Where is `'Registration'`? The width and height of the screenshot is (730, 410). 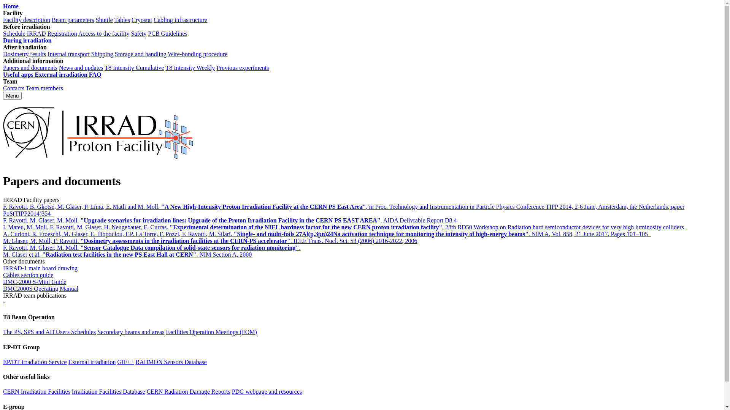
'Registration' is located at coordinates (62, 33).